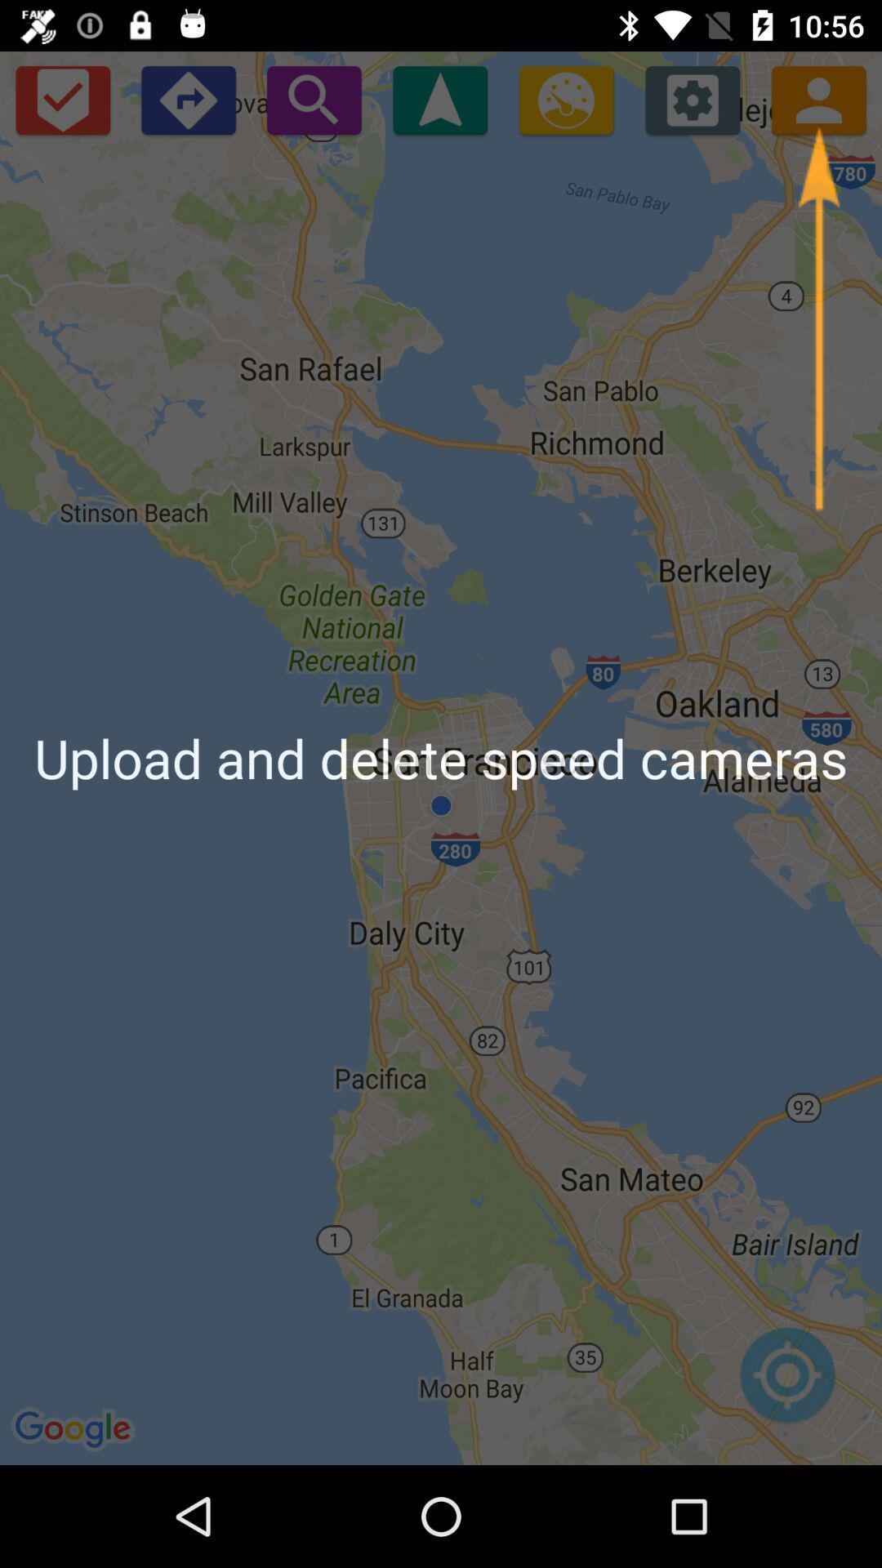 The image size is (882, 1568). What do you see at coordinates (818, 99) in the screenshot?
I see `the icon which is next to the settings icon` at bounding box center [818, 99].